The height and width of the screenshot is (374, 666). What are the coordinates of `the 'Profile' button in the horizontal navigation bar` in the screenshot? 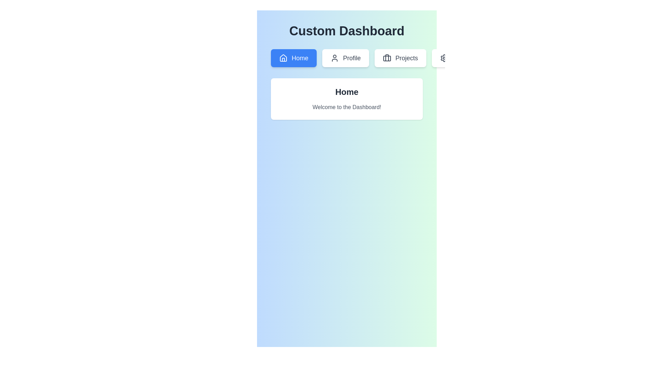 It's located at (347, 58).